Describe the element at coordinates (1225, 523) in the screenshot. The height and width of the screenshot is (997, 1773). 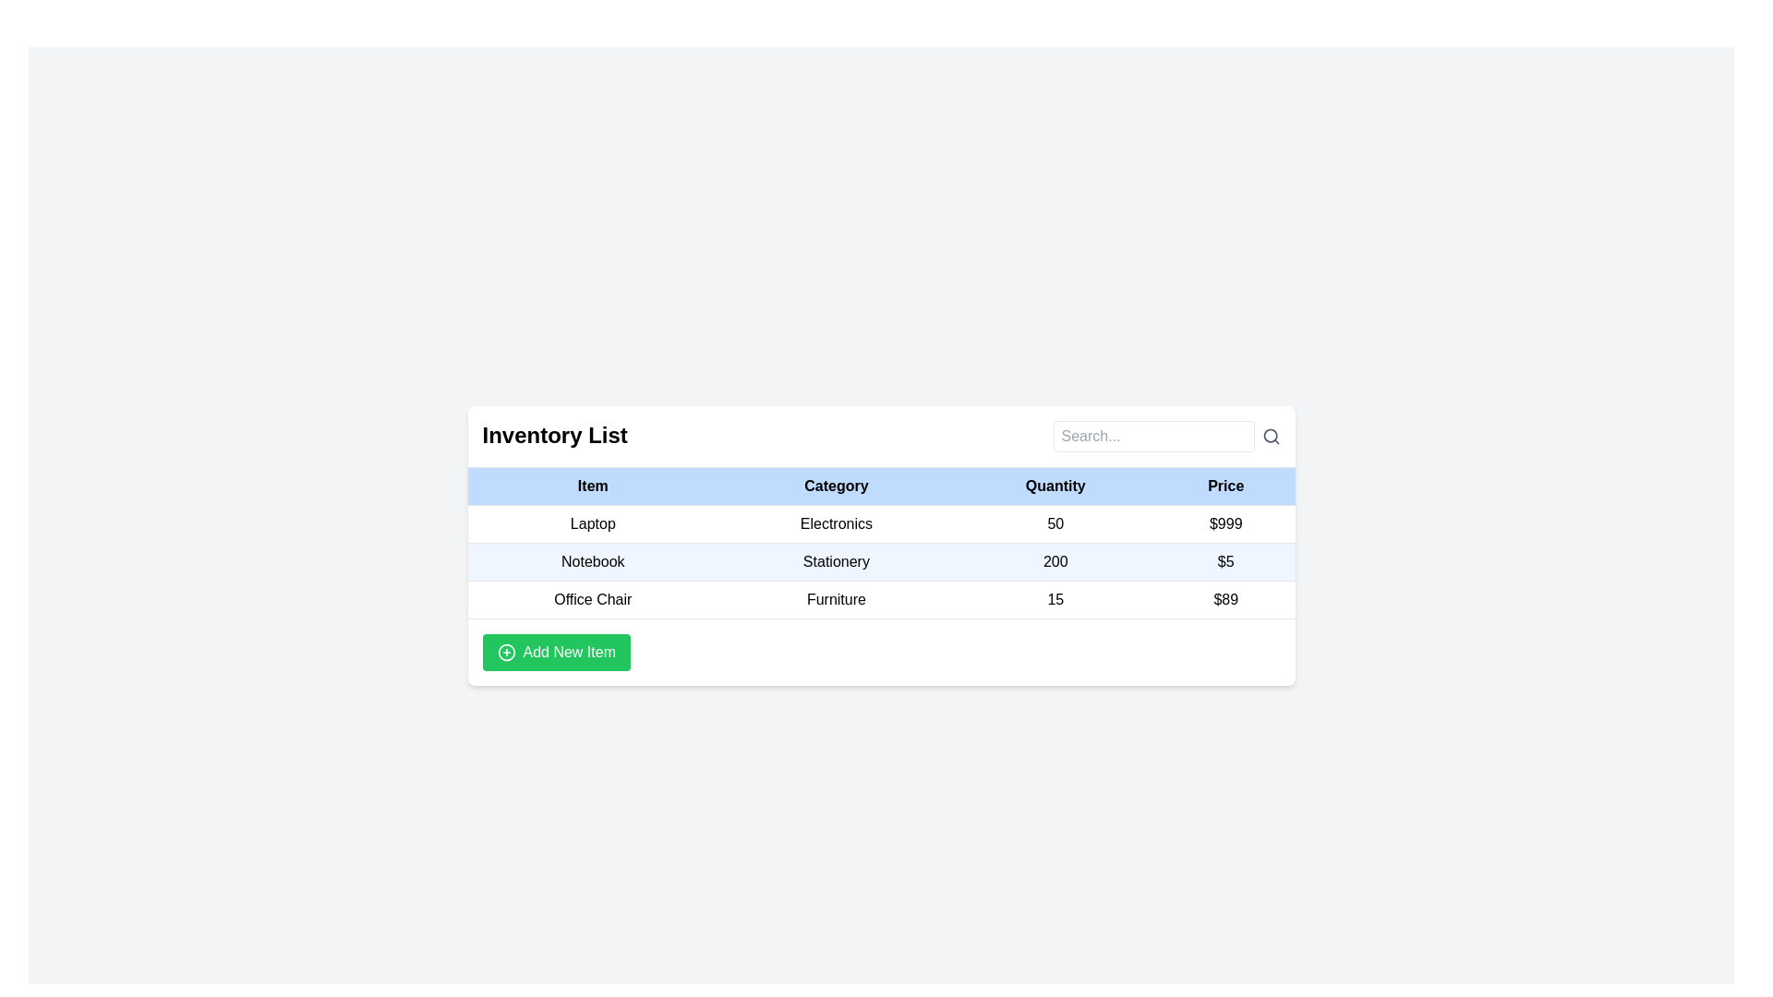
I see `value displayed in the text label showing '$999' under the 'Price' heading in the first row of the table` at that location.